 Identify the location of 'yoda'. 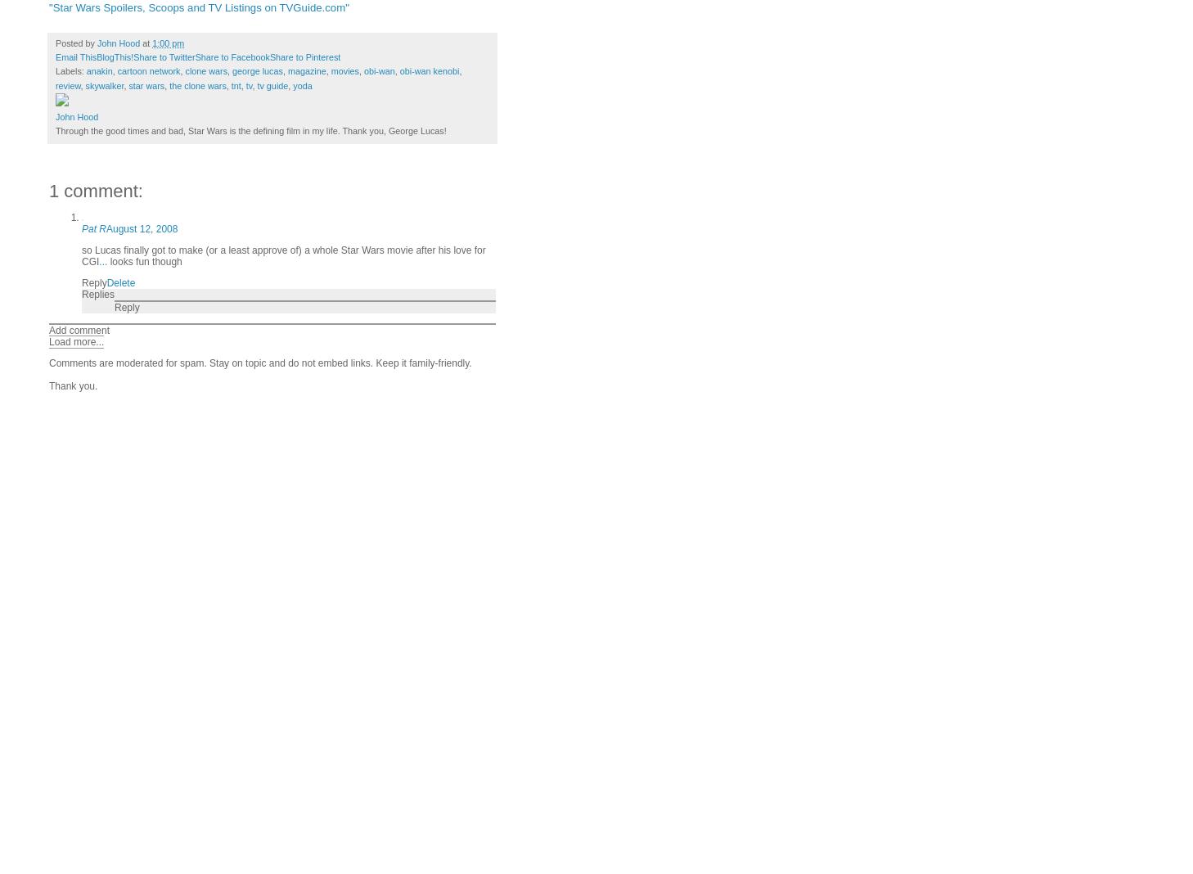
(291, 84).